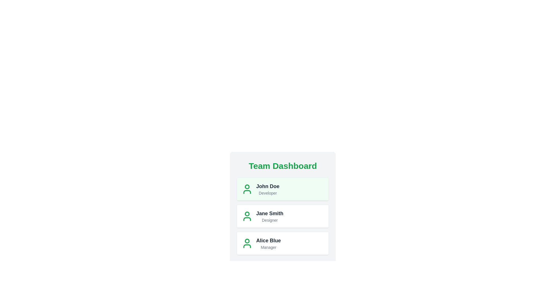 The width and height of the screenshot is (543, 305). I want to click on the 'John Doe' text component within the topmost card of the 'Team Dashboard' section for interaction, so click(267, 189).